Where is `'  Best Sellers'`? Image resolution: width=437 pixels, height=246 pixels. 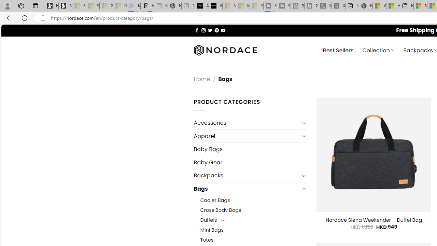
'  Best Sellers' is located at coordinates (338, 50).